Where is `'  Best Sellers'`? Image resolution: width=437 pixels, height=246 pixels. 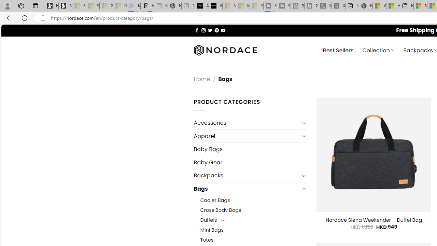
'  Best Sellers' is located at coordinates (338, 50).